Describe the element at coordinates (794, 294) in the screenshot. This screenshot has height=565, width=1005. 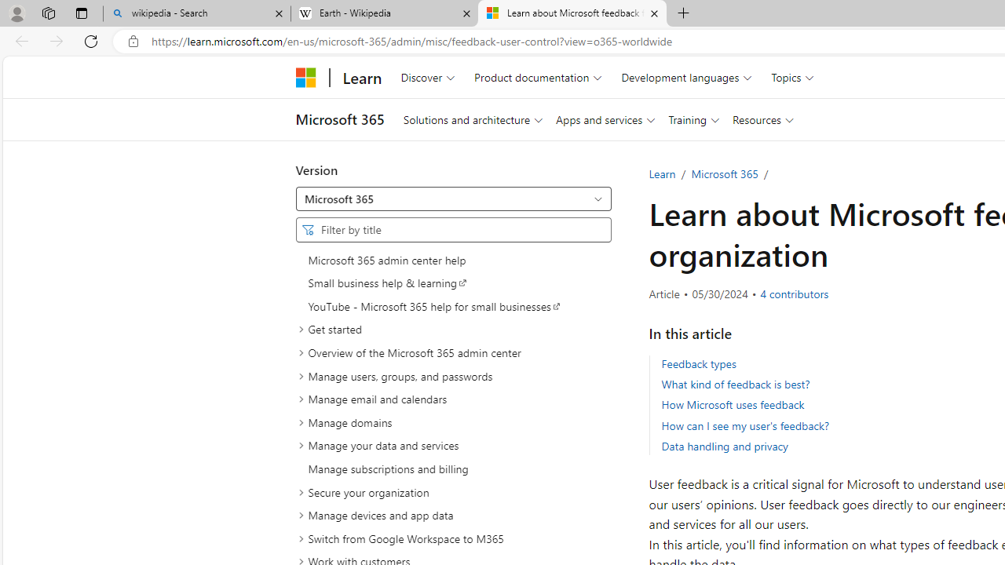
I see `'4 contributors'` at that location.